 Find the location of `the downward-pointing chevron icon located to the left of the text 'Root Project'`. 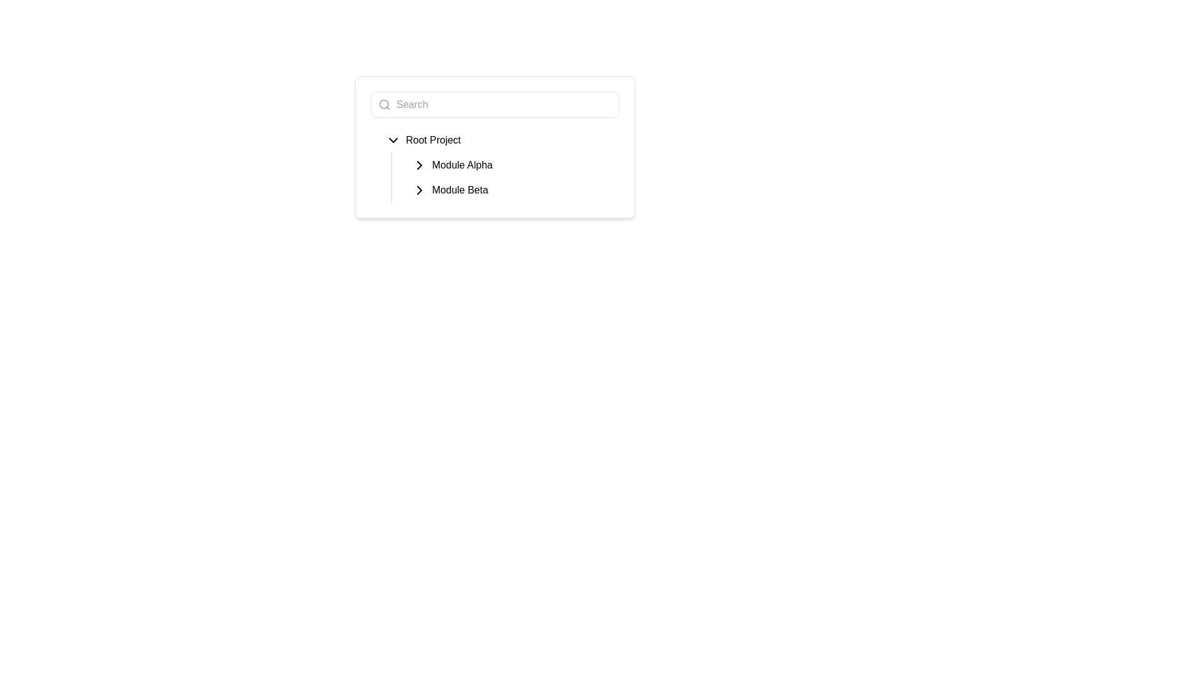

the downward-pointing chevron icon located to the left of the text 'Root Project' is located at coordinates (392, 140).